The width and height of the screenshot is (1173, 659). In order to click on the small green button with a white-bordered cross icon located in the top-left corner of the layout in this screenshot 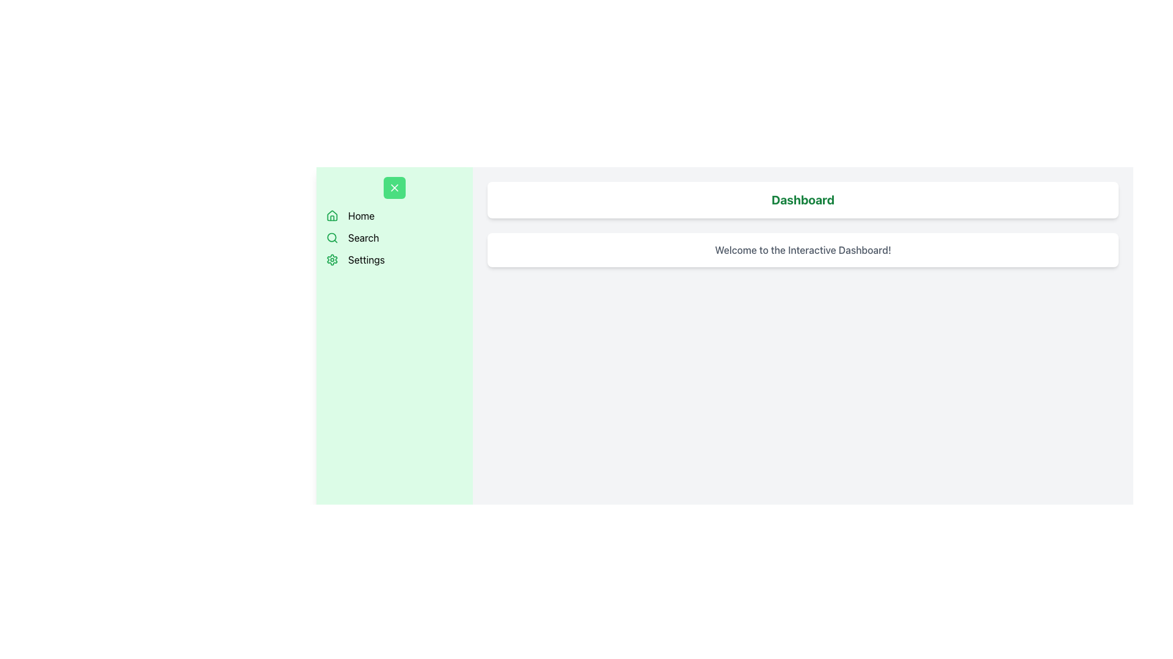, I will do `click(395, 188)`.